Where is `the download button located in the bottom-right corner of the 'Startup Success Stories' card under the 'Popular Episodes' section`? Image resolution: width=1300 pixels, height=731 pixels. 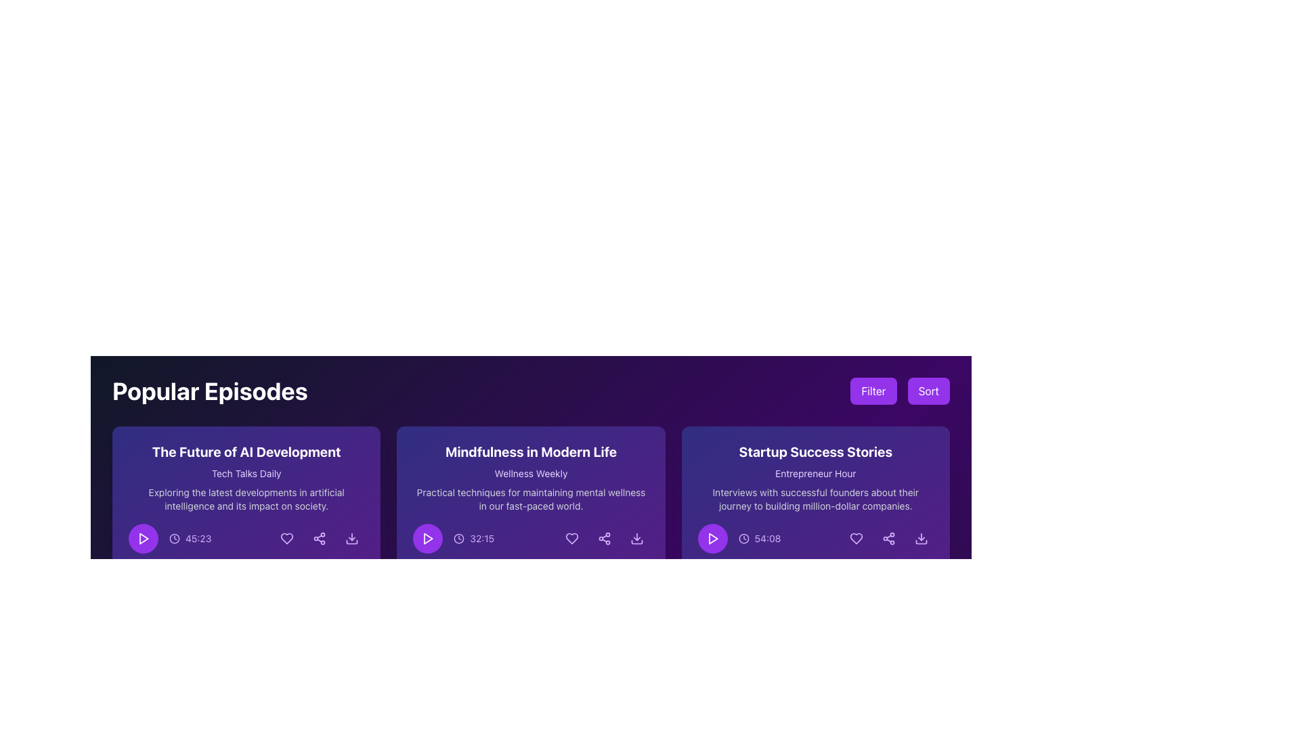 the download button located in the bottom-right corner of the 'Startup Success Stories' card under the 'Popular Episodes' section is located at coordinates (921, 537).